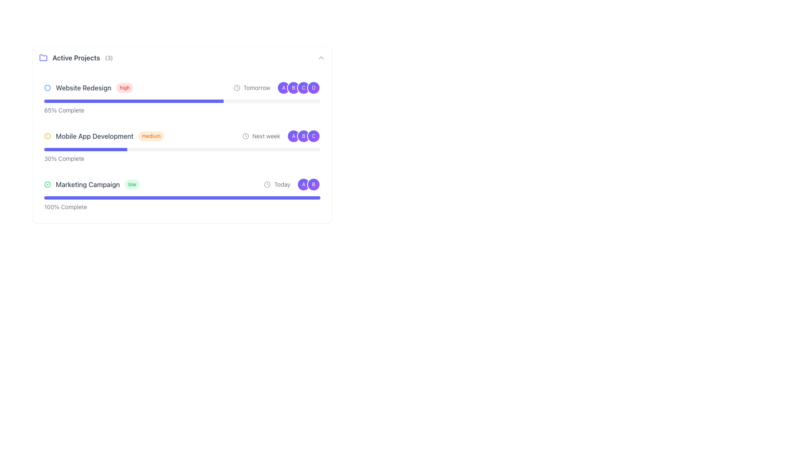 The image size is (801, 450). I want to click on the static text displaying 'Next week', which is styled in a small sans-serif font and is positioned between a clock icon and action buttons labeled 'A', 'B', and 'C', so click(266, 136).